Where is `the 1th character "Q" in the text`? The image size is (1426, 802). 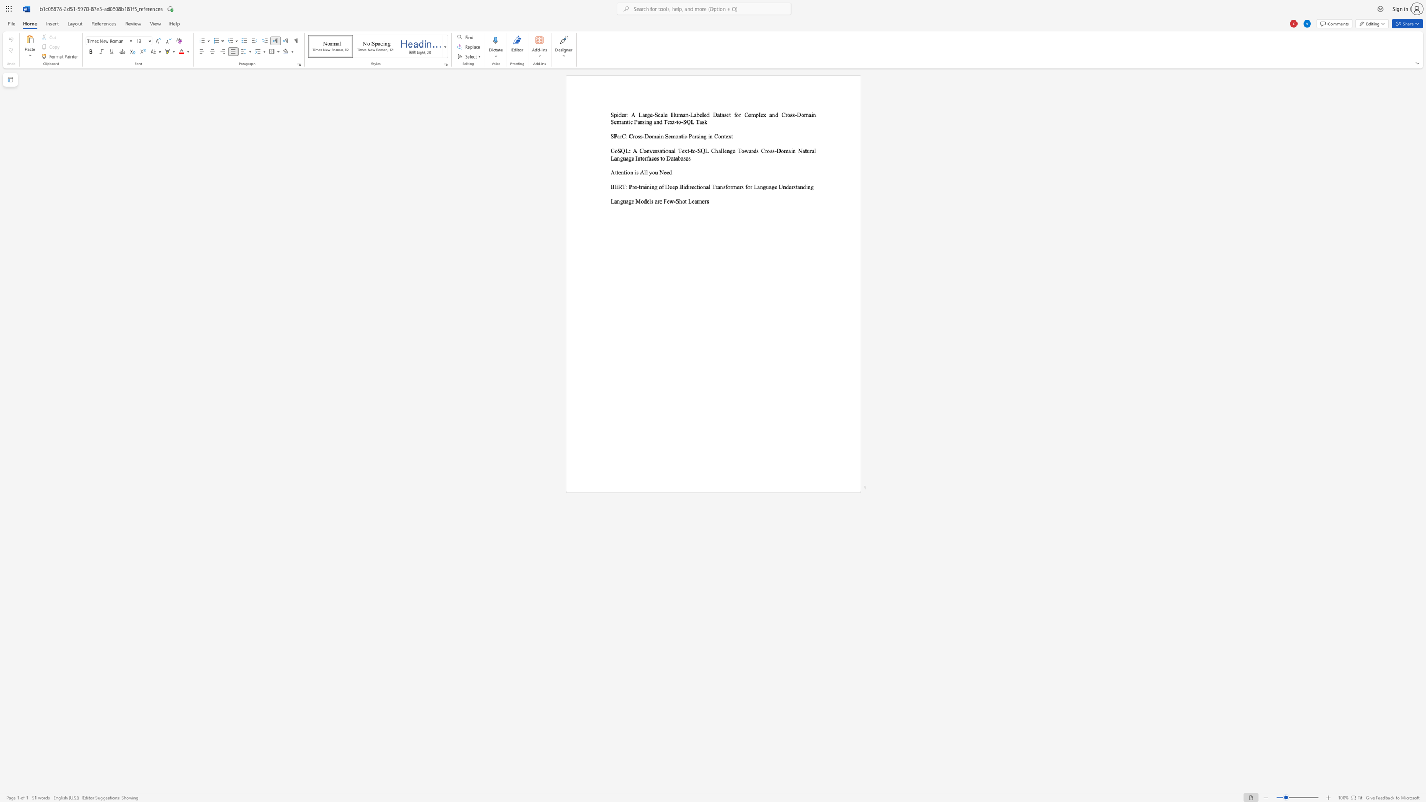 the 1th character "Q" in the text is located at coordinates (622, 150).